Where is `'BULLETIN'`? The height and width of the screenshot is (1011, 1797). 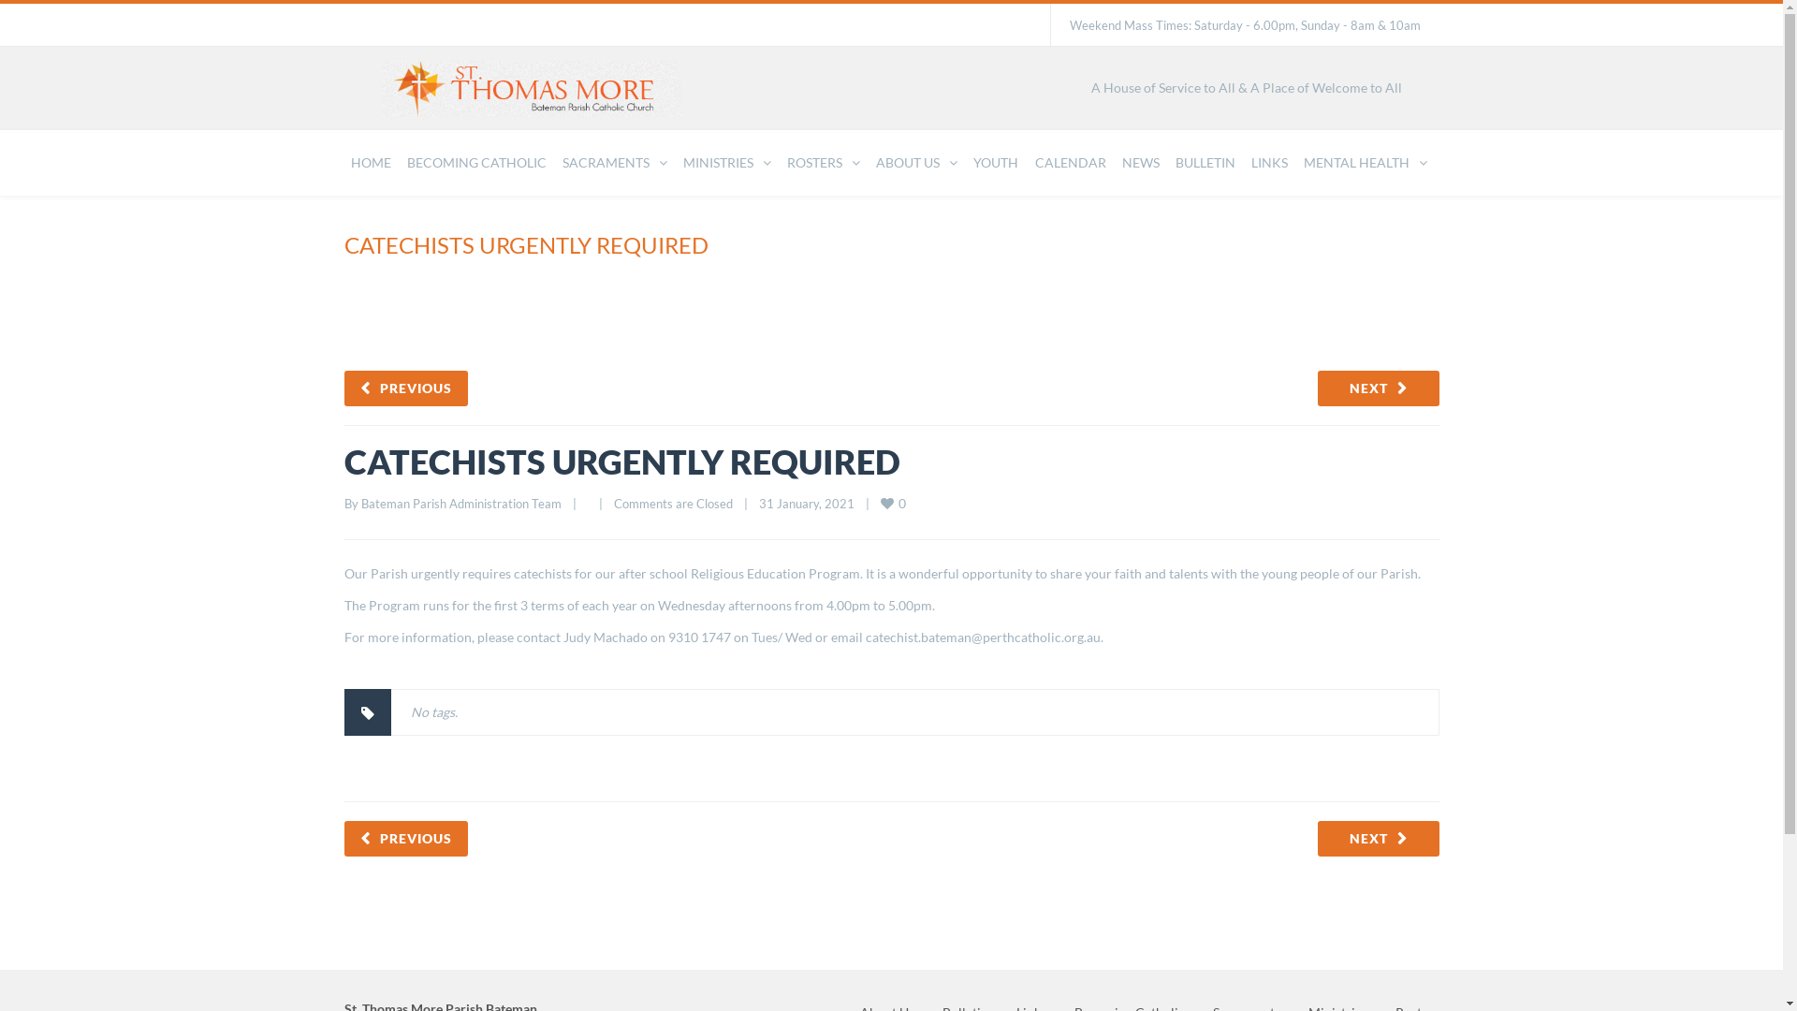 'BULLETIN' is located at coordinates (1205, 161).